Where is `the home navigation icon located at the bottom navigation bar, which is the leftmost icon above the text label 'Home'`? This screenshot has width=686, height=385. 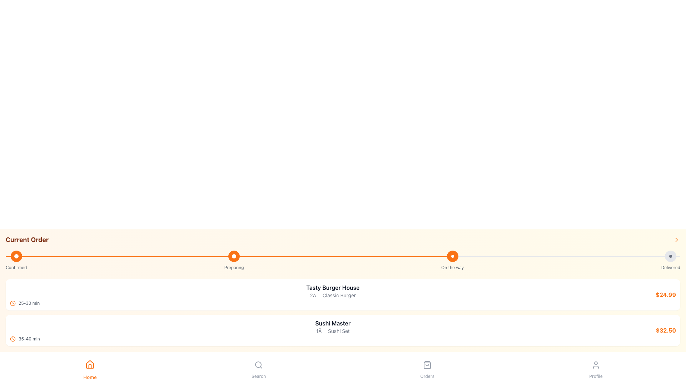
the home navigation icon located at the bottom navigation bar, which is the leftmost icon above the text label 'Home' is located at coordinates (89, 364).